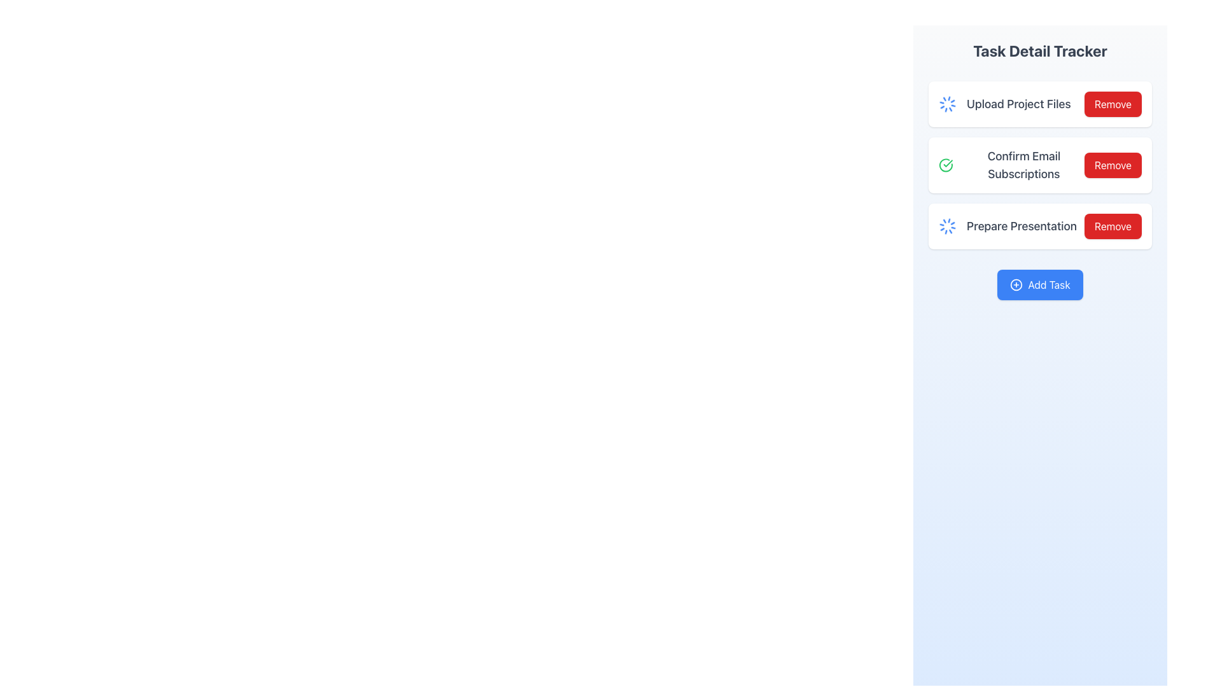  What do you see at coordinates (1112, 225) in the screenshot?
I see `the button located at the right end of the 'Prepare Presentation' task list item` at bounding box center [1112, 225].